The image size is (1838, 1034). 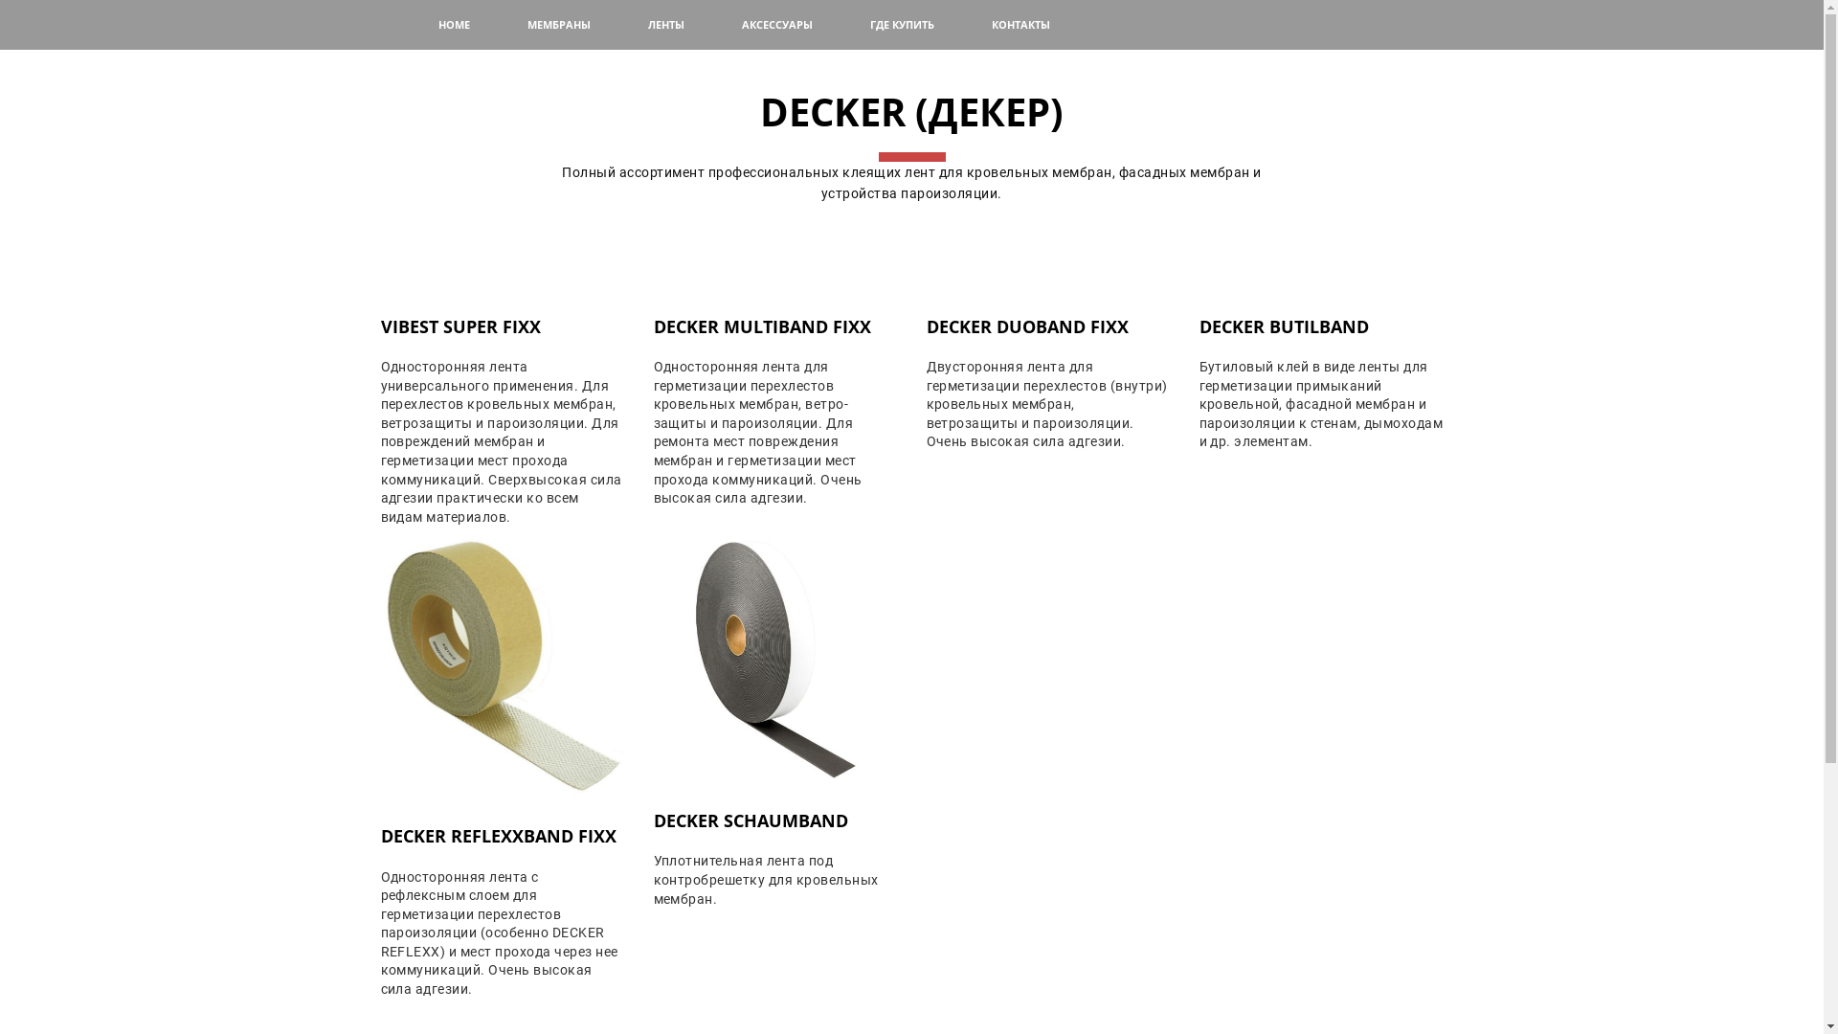 I want to click on 'HOME', so click(x=453, y=25).